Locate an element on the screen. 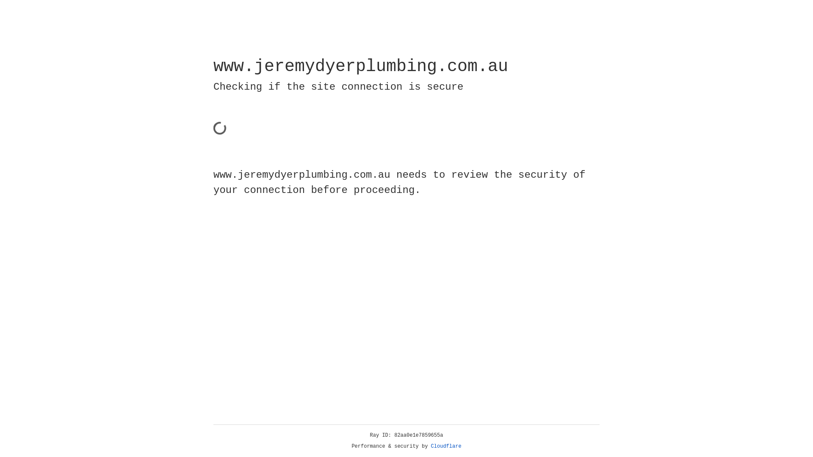  'Cloudflare' is located at coordinates (446, 446).